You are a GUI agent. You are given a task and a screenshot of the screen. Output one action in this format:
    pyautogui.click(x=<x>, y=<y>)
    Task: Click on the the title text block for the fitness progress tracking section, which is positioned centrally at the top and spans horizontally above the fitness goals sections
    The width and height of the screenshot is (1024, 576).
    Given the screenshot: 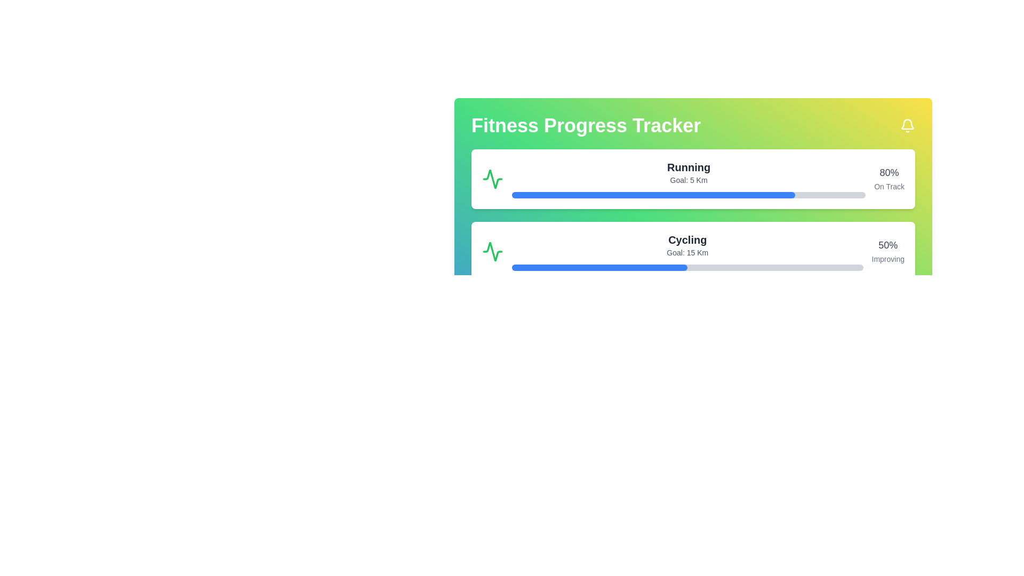 What is the action you would take?
    pyautogui.click(x=693, y=125)
    